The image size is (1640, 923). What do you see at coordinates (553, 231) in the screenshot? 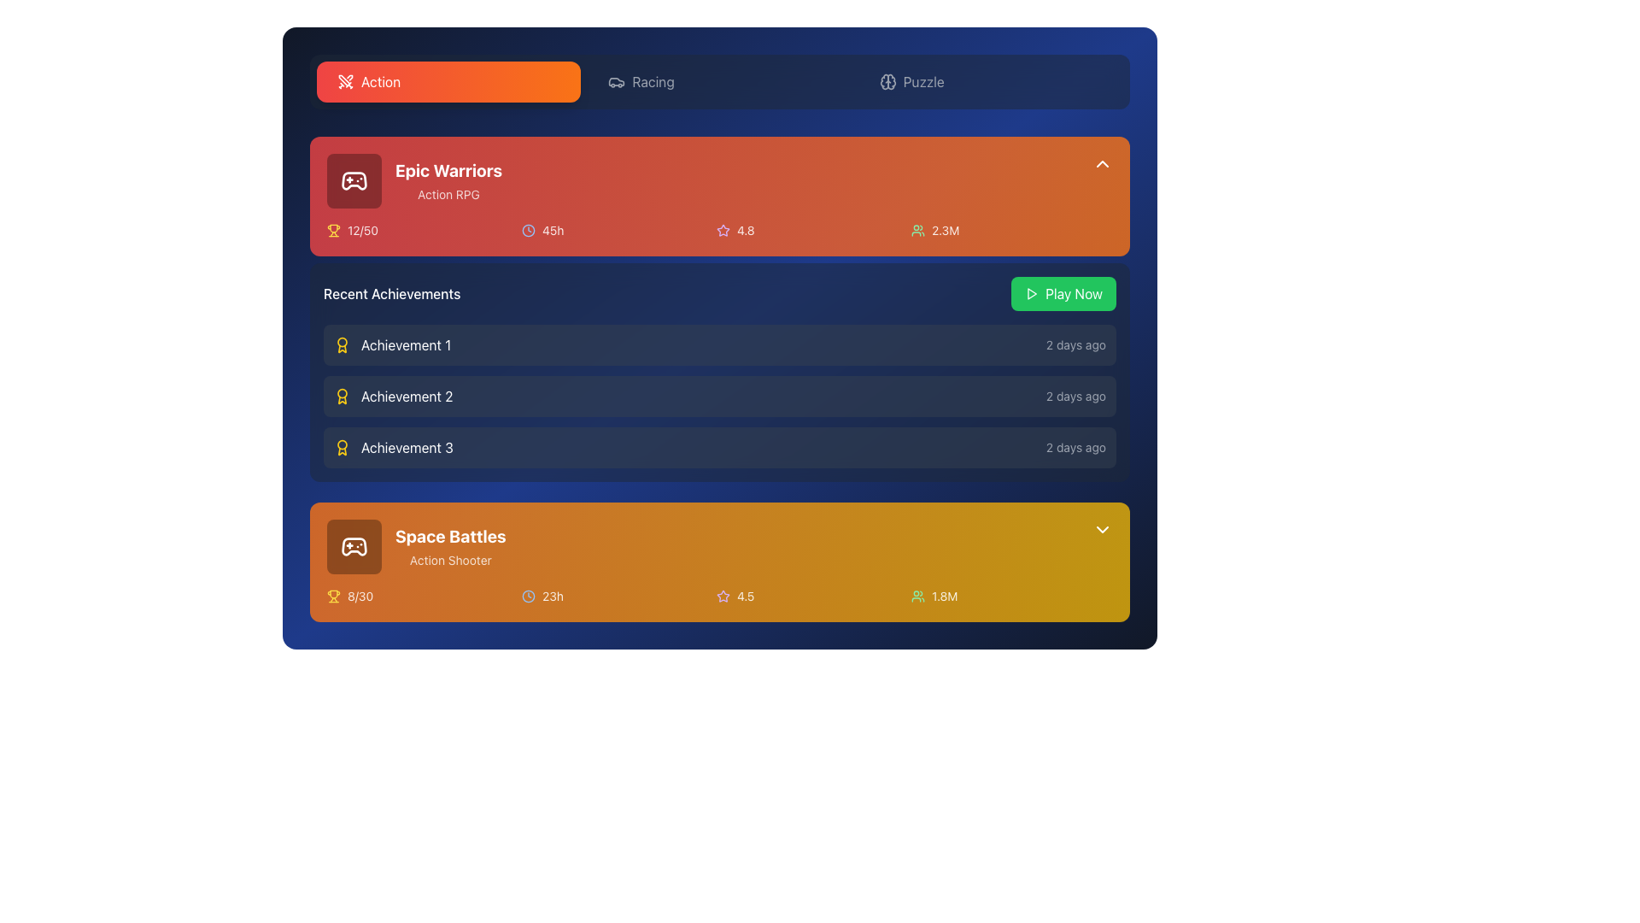
I see `text label displaying '45h' that is styled in a slightly bold white font and located to the right of the clock icon in the 'Epic Warriors' game card section` at bounding box center [553, 231].